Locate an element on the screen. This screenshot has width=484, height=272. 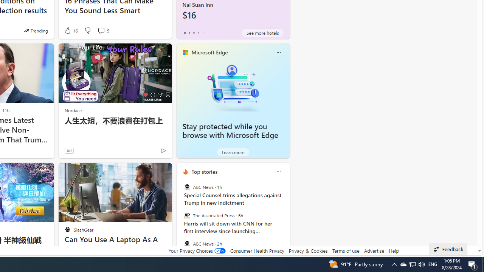
'Privacy & Cookies' is located at coordinates (308, 250).